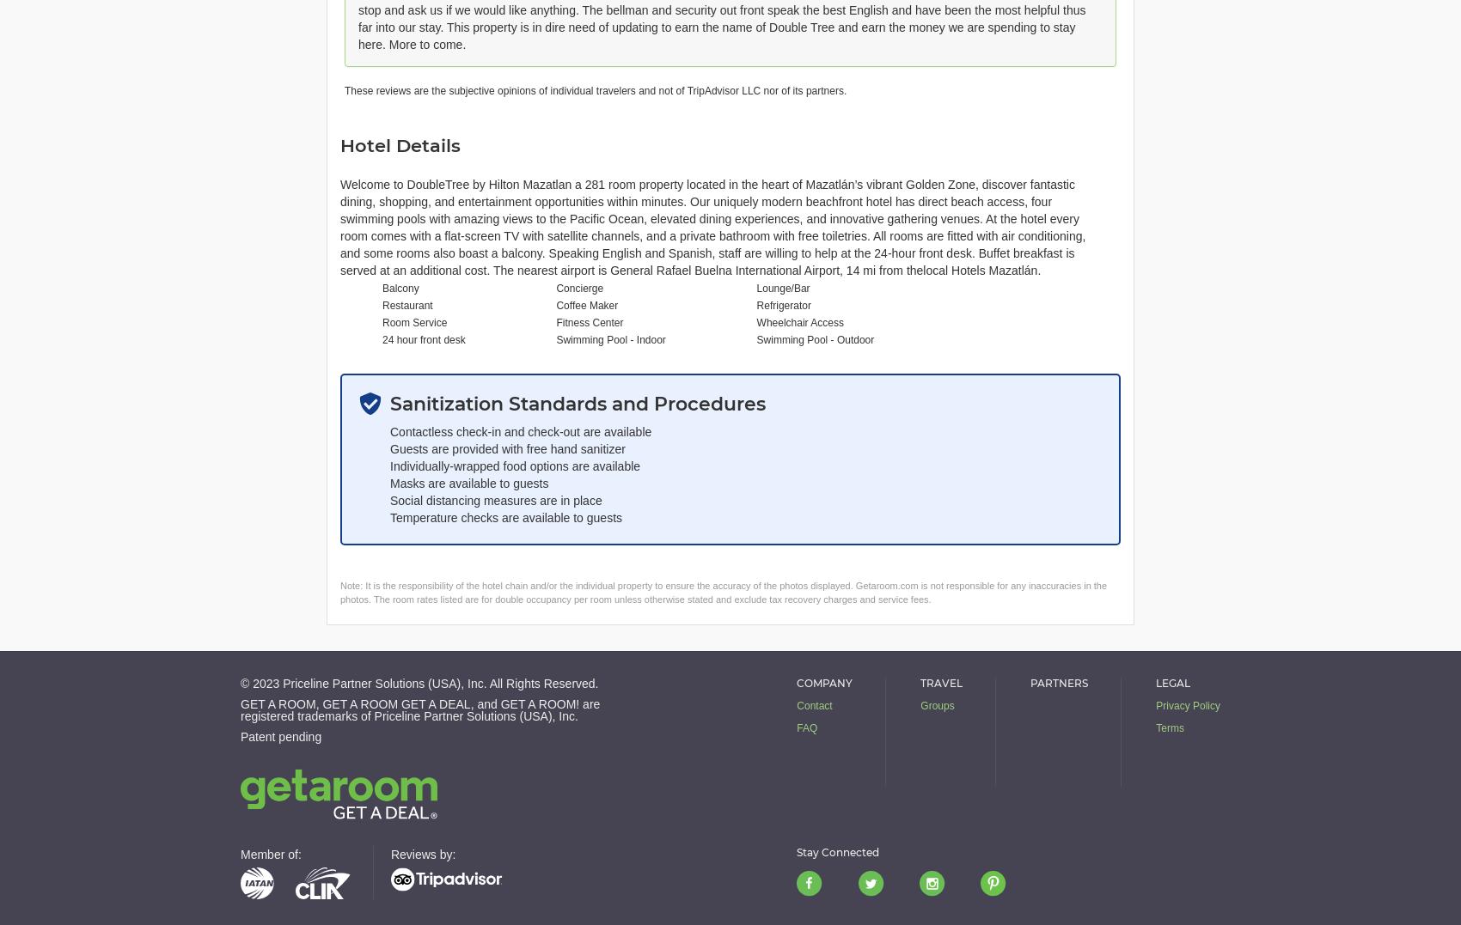  Describe the element at coordinates (422, 853) in the screenshot. I see `'Reviews by:'` at that location.